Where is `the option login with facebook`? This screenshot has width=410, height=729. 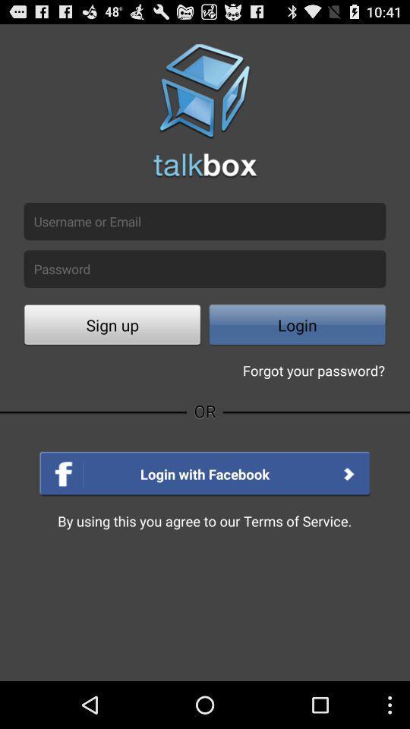
the option login with facebook is located at coordinates (205, 473).